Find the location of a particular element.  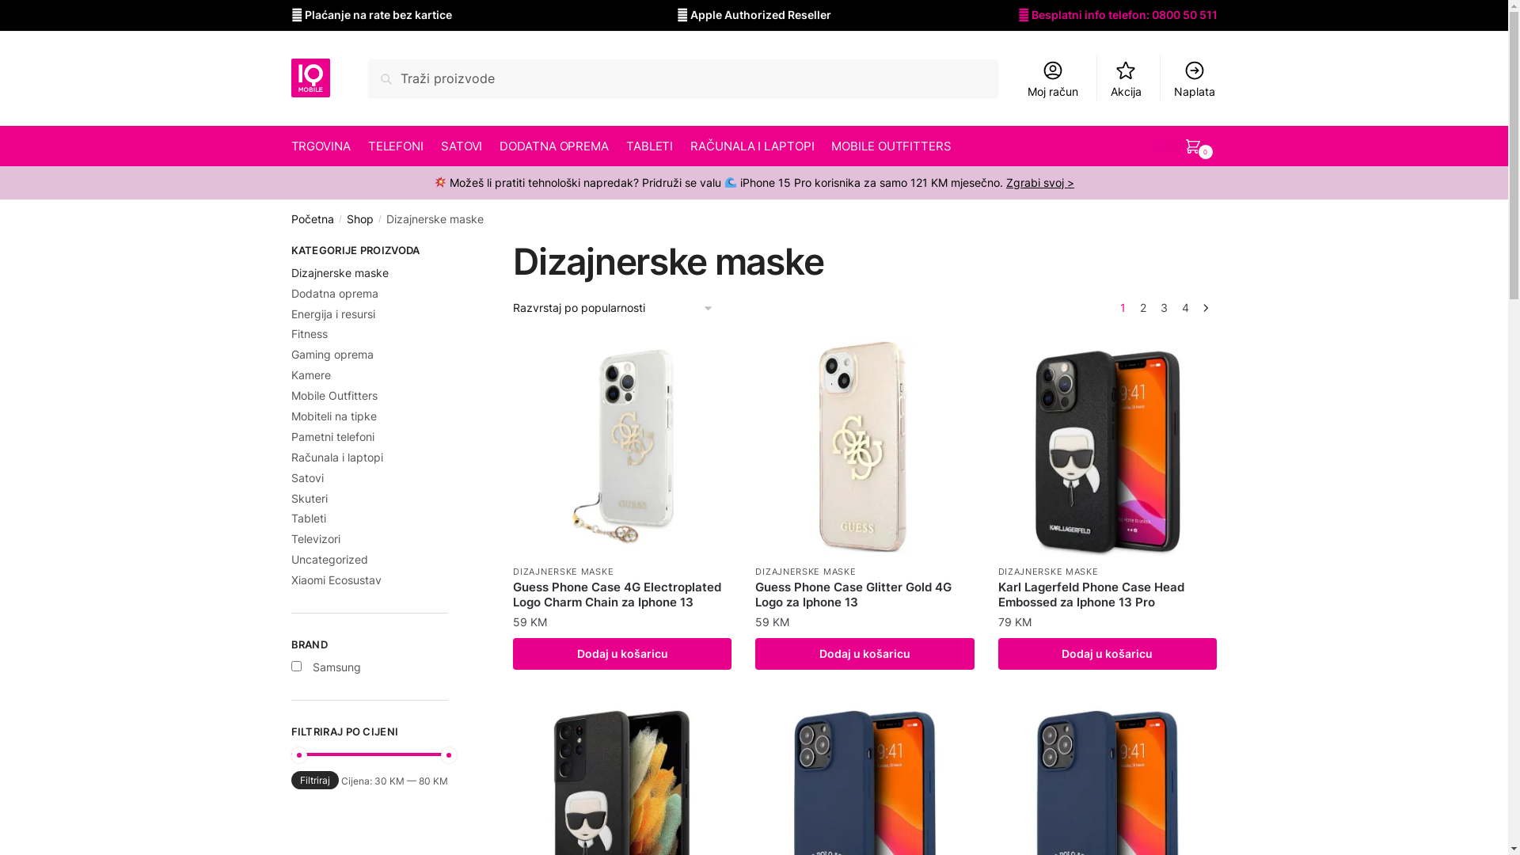

'4' is located at coordinates (1185, 308).